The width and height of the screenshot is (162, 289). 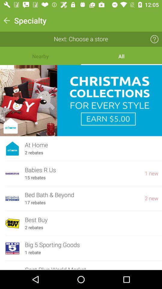 What do you see at coordinates (91, 245) in the screenshot?
I see `the big 5 sporting icon` at bounding box center [91, 245].